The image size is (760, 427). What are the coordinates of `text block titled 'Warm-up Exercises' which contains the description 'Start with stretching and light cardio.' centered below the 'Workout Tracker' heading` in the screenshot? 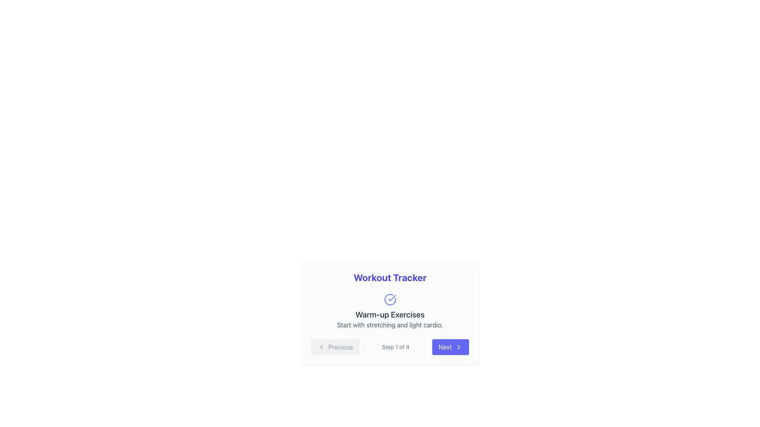 It's located at (390, 311).